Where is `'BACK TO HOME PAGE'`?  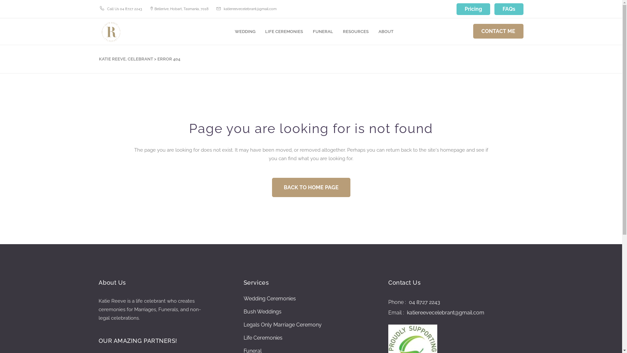
'BACK TO HOME PAGE' is located at coordinates (271, 187).